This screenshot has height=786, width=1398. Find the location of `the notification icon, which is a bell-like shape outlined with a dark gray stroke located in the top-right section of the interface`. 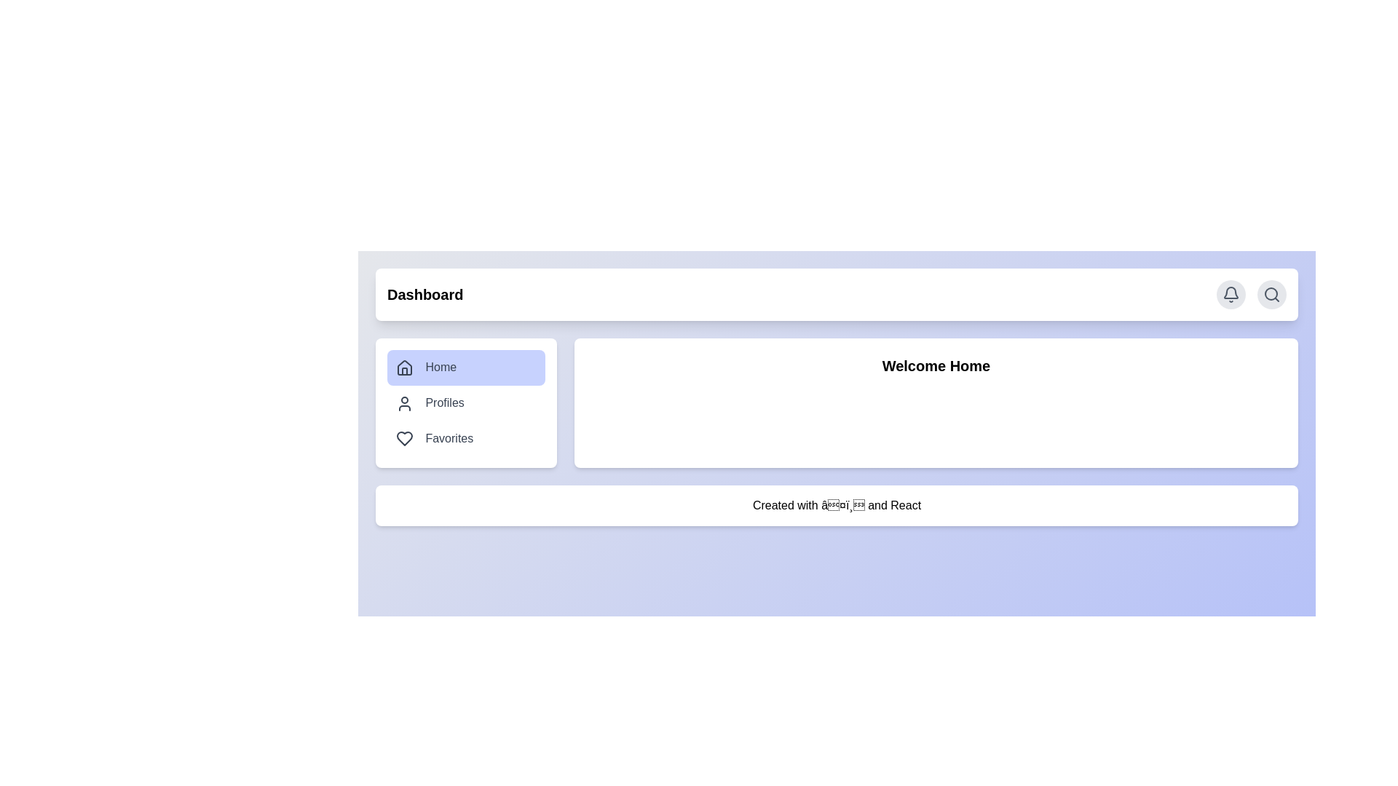

the notification icon, which is a bell-like shape outlined with a dark gray stroke located in the top-right section of the interface is located at coordinates (1230, 293).